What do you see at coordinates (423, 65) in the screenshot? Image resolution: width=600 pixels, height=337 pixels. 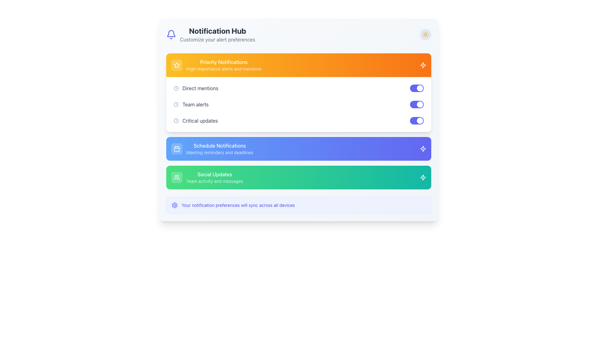 I see `the zigzagging lightning bolt icon located in the top-right corner of the 'Priority Notifications' section, which has white strokes and an orange background` at bounding box center [423, 65].